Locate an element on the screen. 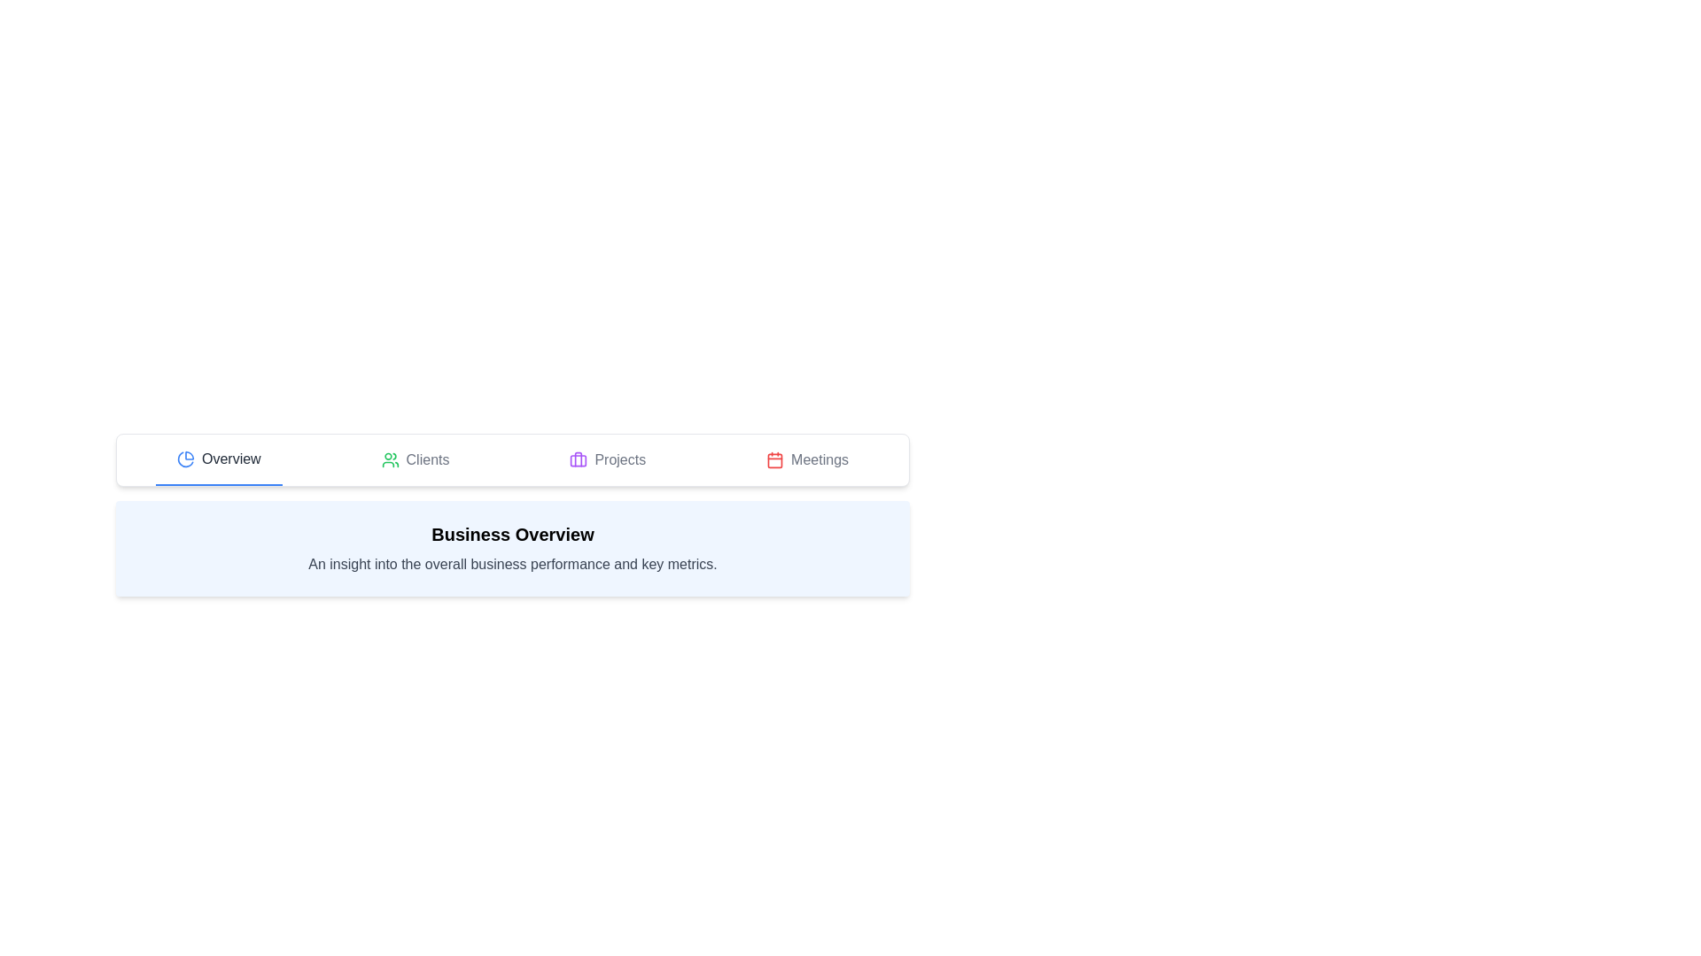  the first button in the horizontal navigation bar is located at coordinates (218, 459).